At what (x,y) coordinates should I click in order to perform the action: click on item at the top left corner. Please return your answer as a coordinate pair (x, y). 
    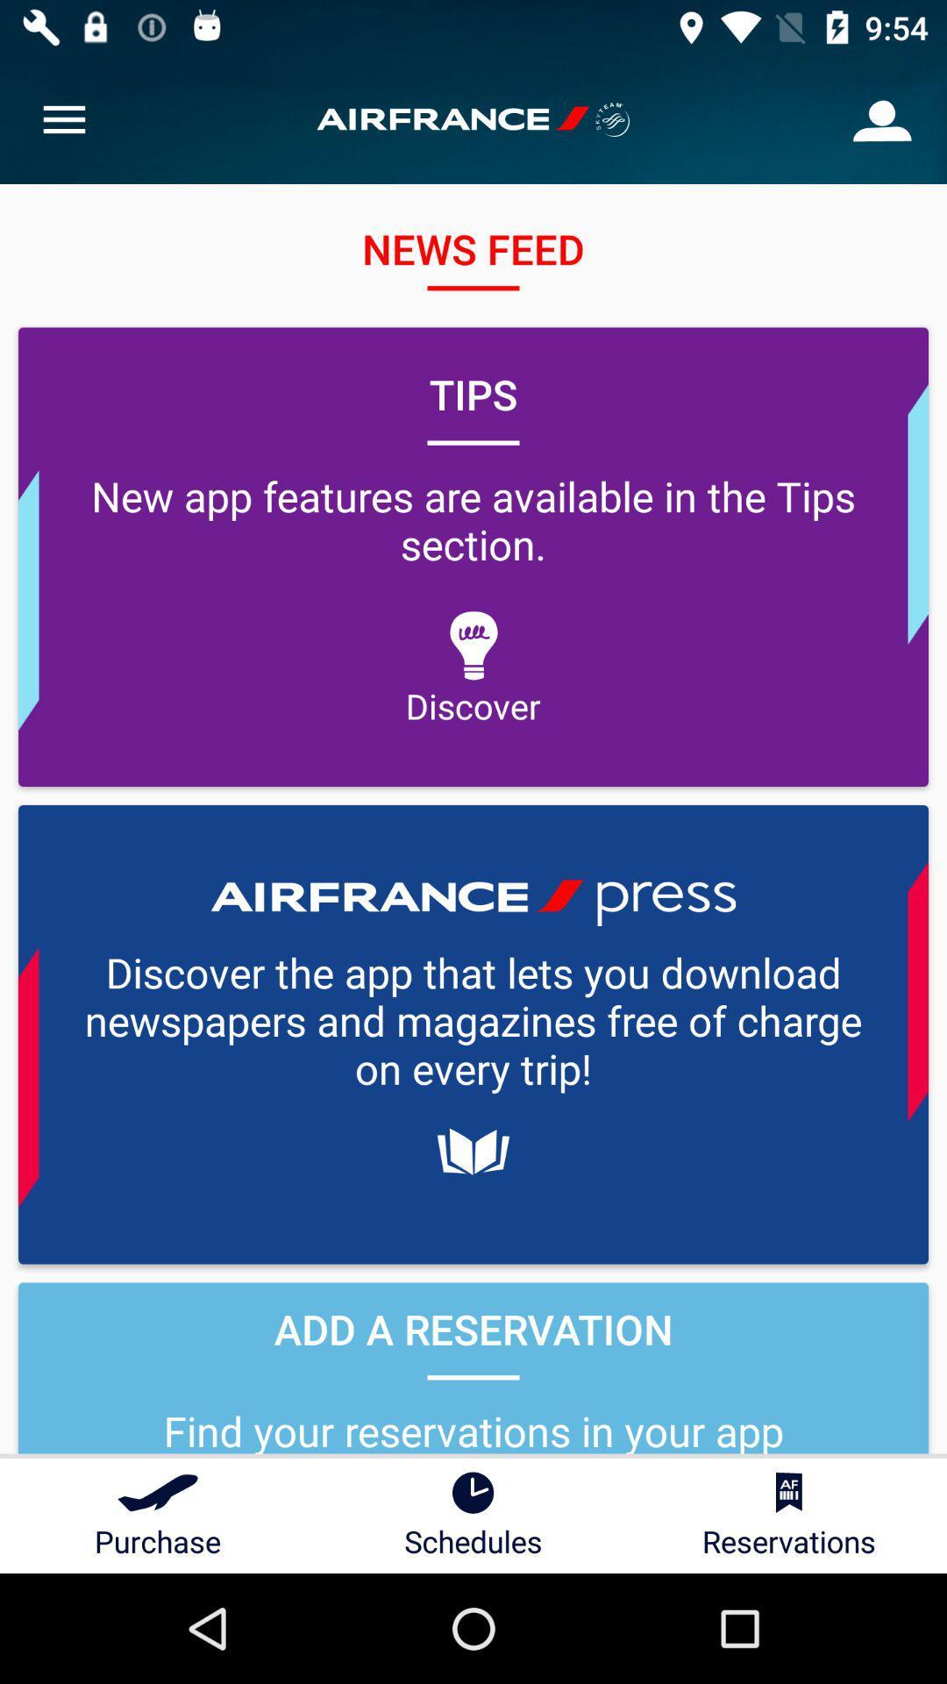
    Looking at the image, I should click on (63, 118).